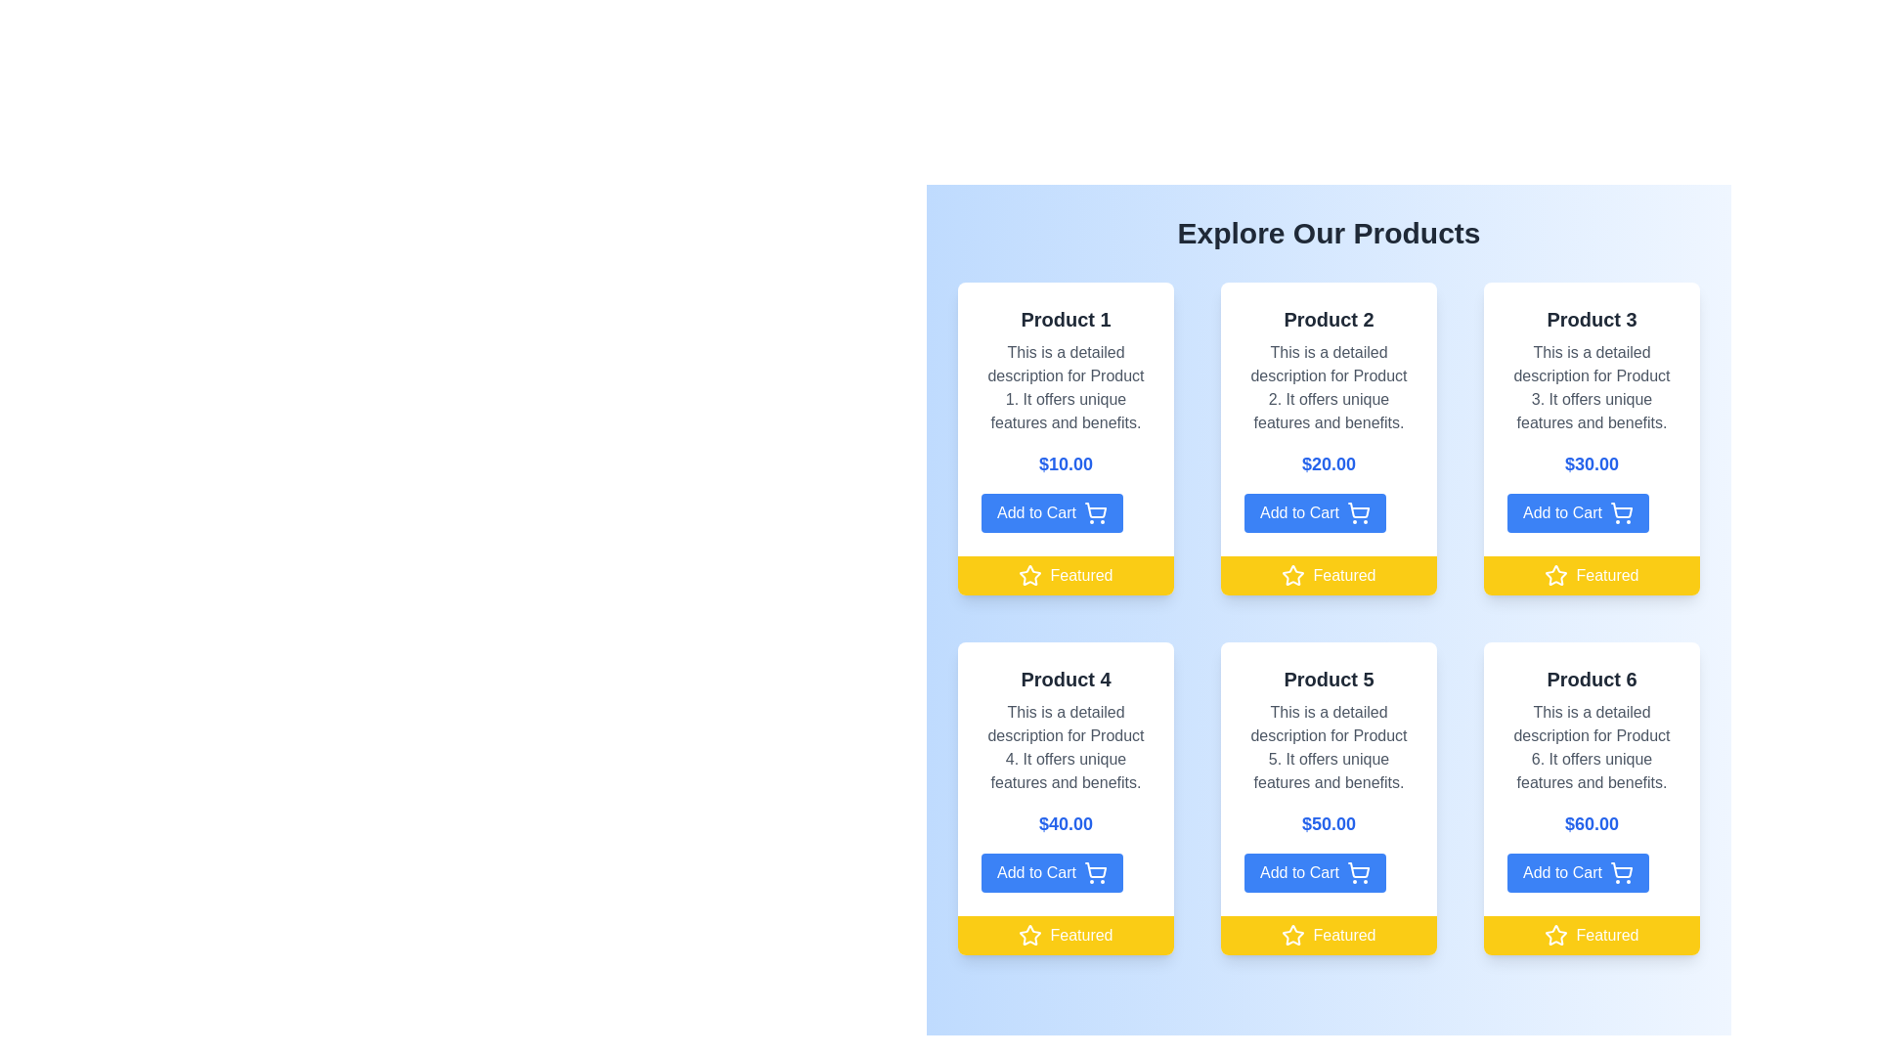 This screenshot has width=1877, height=1056. Describe the element at coordinates (1592, 388) in the screenshot. I see `the textual description that reads 'This is a detailed description for Product 3', which is styled in subtle gray and positioned below the product name 'Product 3' and above the price '$30.00'` at that location.